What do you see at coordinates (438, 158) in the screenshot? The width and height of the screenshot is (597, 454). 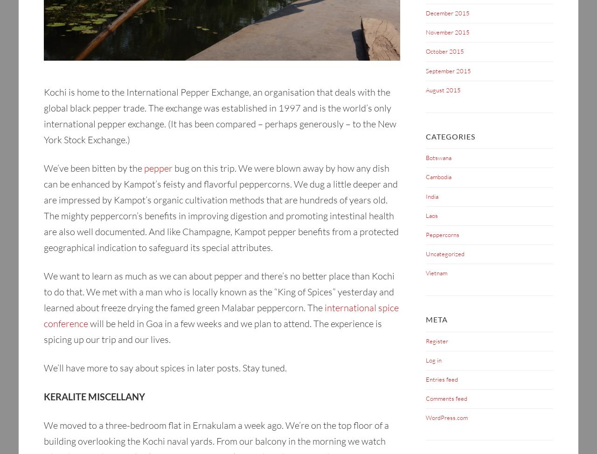 I see `'Botswana'` at bounding box center [438, 158].